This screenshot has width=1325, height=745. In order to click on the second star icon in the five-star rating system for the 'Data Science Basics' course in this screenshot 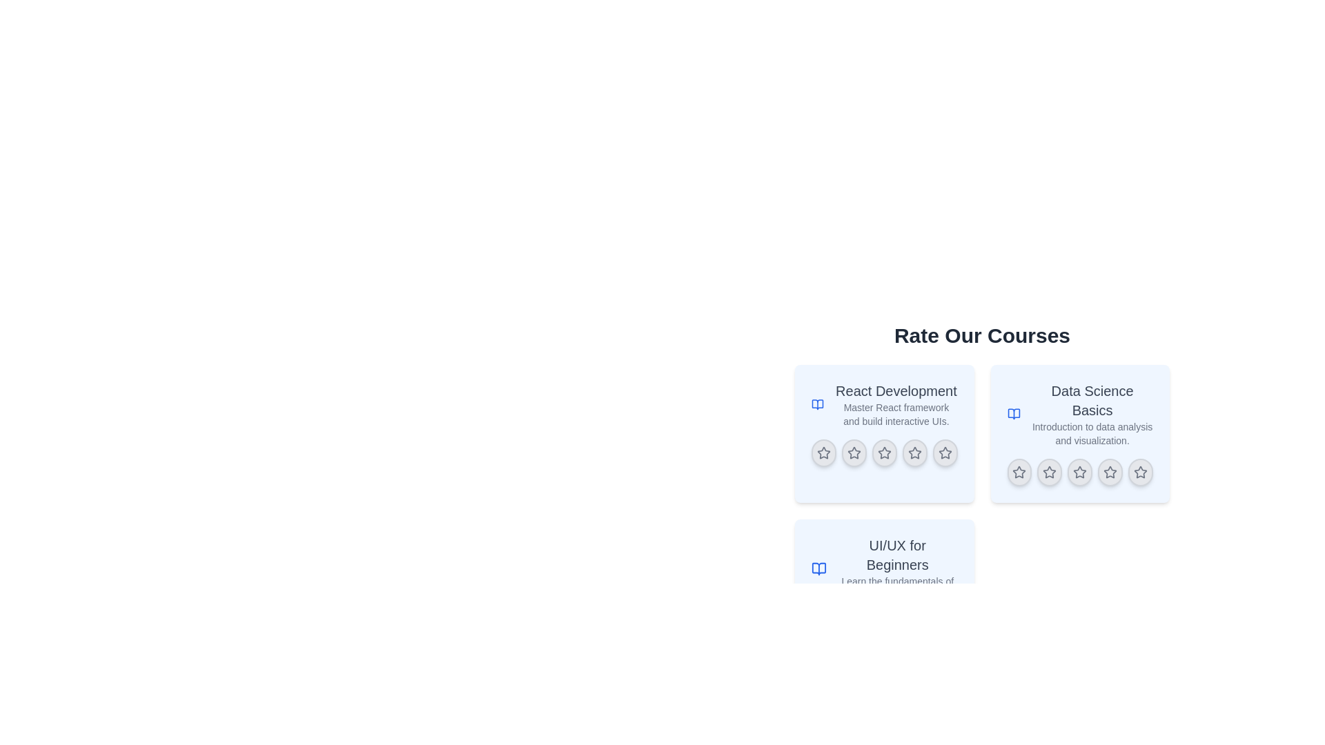, I will do `click(1049, 472)`.